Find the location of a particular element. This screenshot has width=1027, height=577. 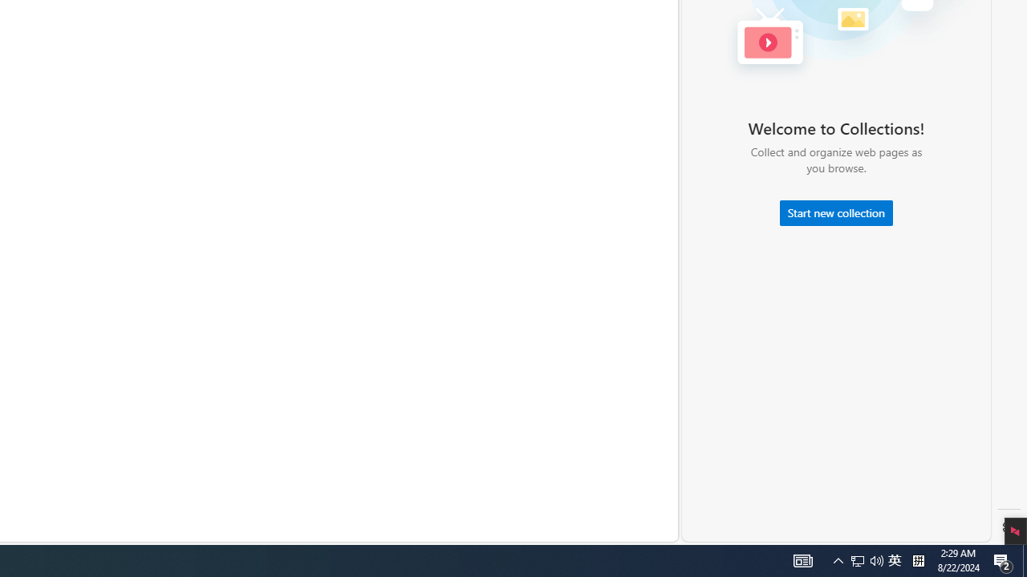

'Start new collection' is located at coordinates (835, 212).